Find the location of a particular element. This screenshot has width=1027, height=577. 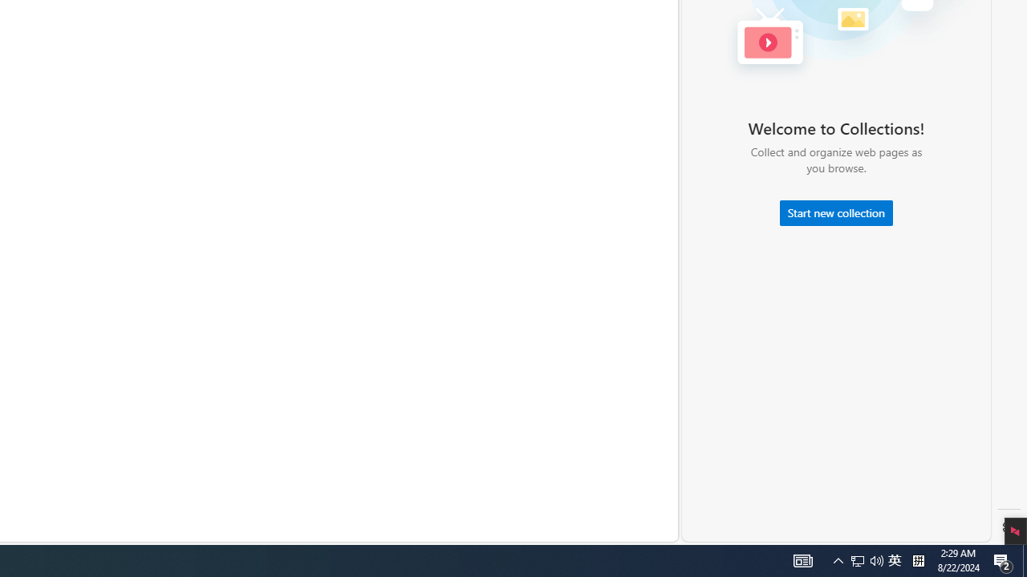

'Start new collection' is located at coordinates (835, 212).